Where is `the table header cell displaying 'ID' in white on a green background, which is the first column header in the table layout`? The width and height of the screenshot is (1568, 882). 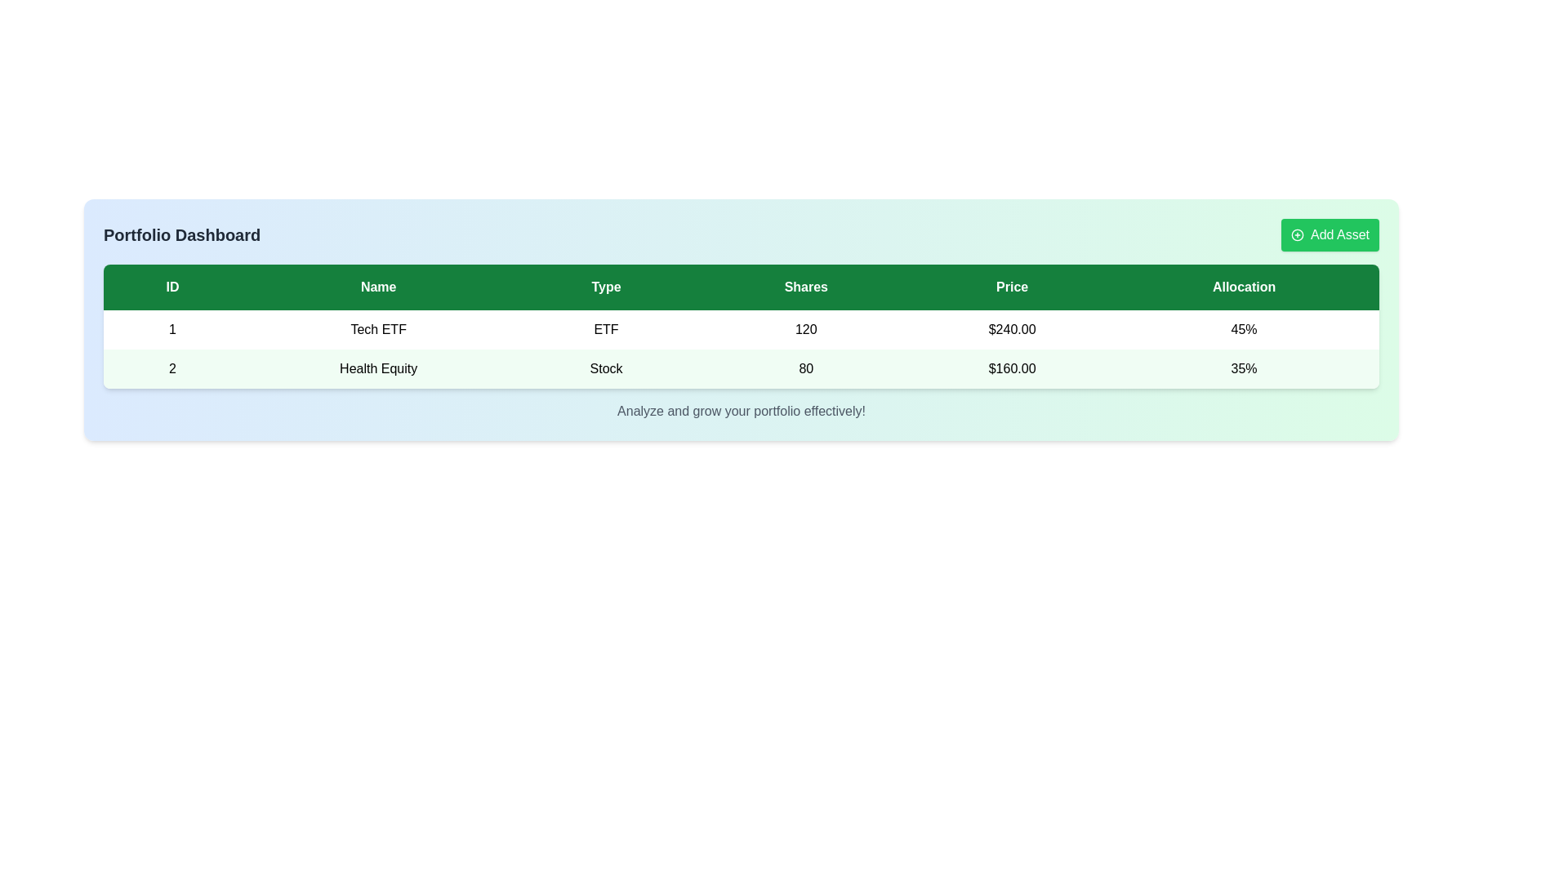 the table header cell displaying 'ID' in white on a green background, which is the first column header in the table layout is located at coordinates (172, 286).